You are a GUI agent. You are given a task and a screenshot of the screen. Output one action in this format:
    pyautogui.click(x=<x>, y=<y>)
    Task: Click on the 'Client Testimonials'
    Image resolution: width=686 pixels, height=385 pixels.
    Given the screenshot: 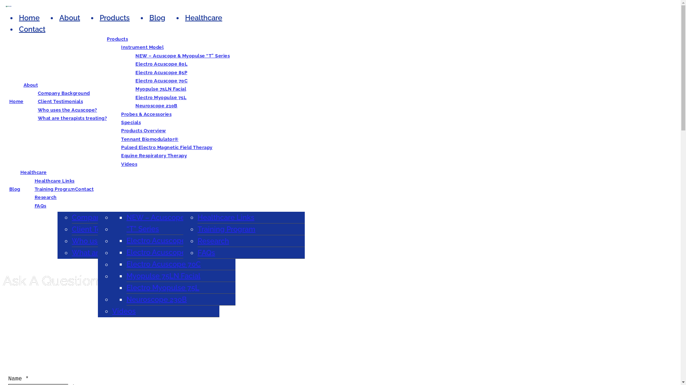 What is the action you would take?
    pyautogui.click(x=103, y=229)
    